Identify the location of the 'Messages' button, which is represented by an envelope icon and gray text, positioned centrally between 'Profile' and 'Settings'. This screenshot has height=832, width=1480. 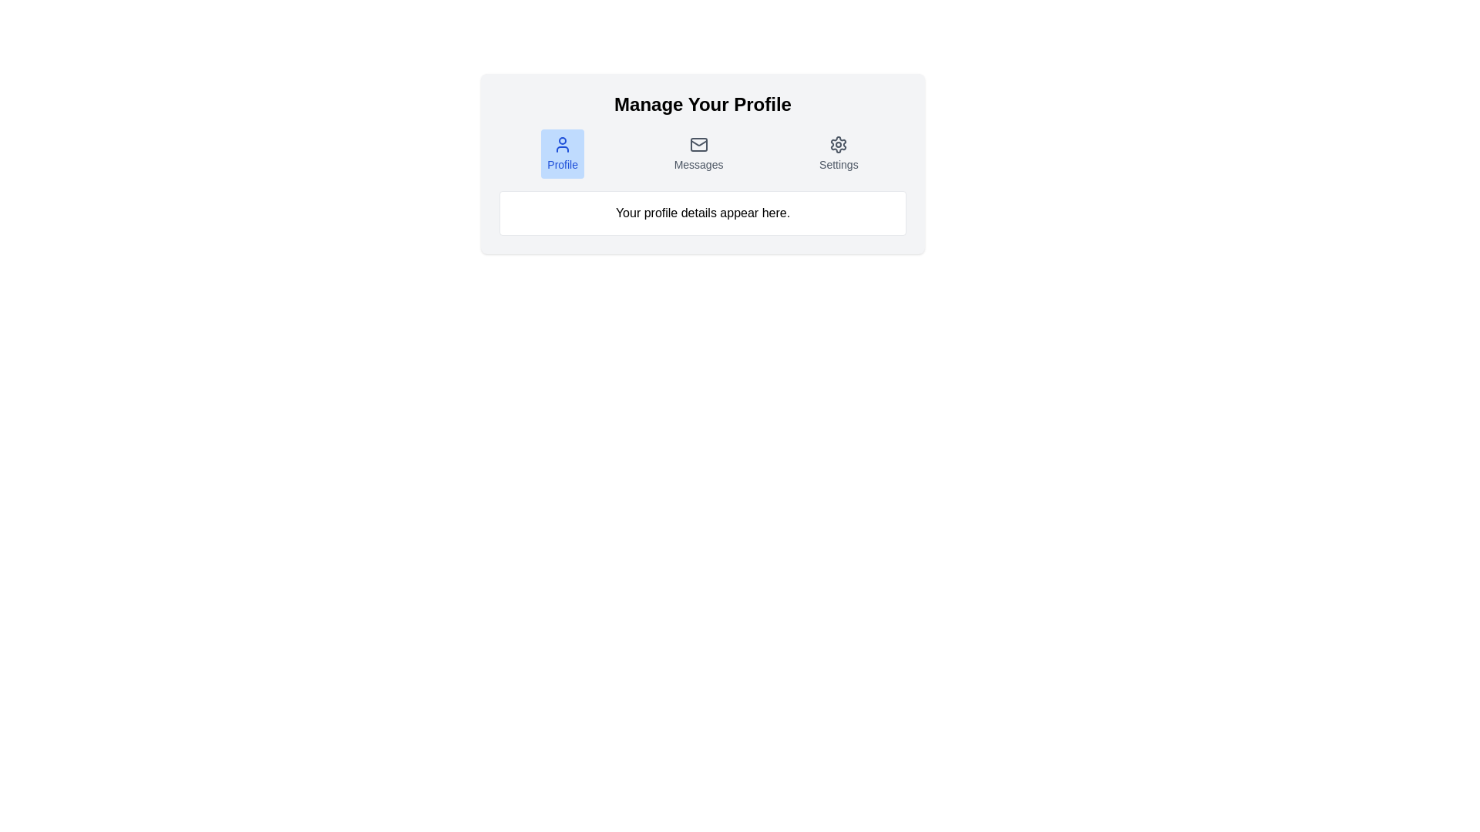
(698, 154).